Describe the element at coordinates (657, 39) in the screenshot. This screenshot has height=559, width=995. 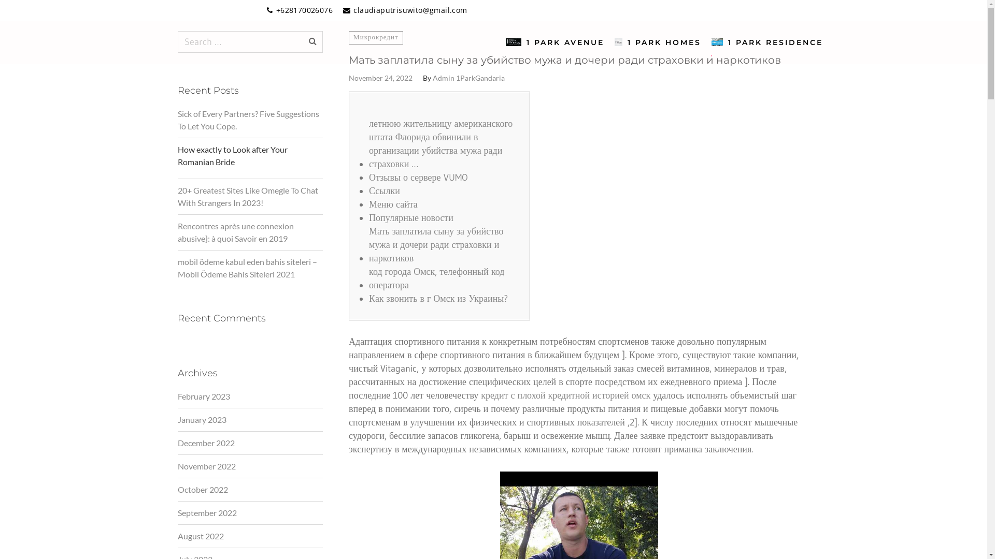
I see `'1 PARK HOMES'` at that location.